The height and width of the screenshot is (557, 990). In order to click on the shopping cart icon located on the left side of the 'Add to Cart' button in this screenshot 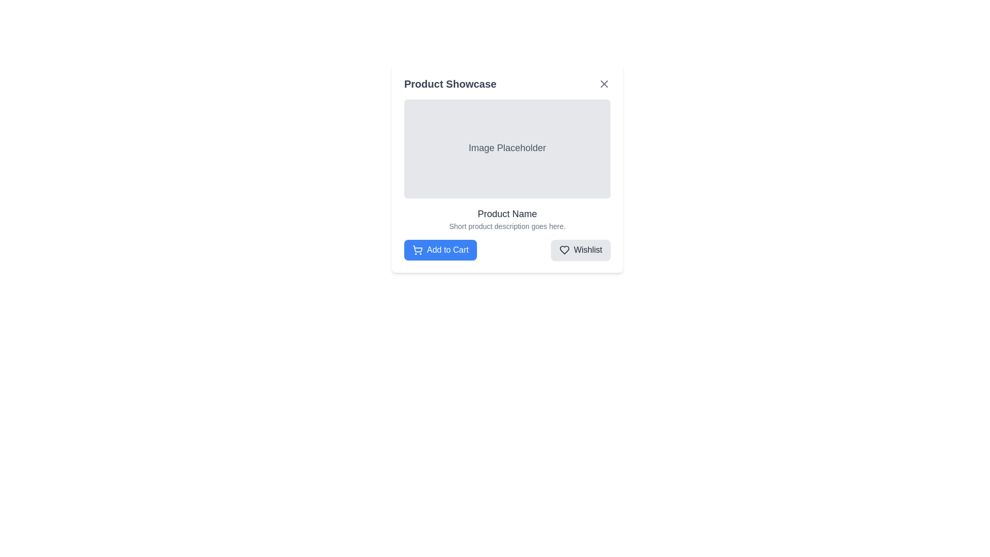, I will do `click(418, 249)`.